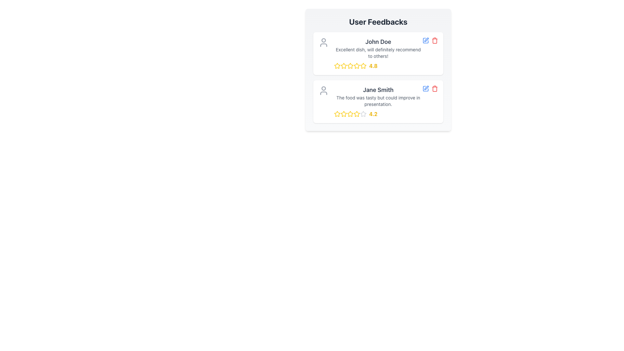  Describe the element at coordinates (350, 66) in the screenshot. I see `the third rating star icon with a yellow outline and white interior, which is part of the rating system next to the text '4.8' in John Doe's user feedback card` at that location.